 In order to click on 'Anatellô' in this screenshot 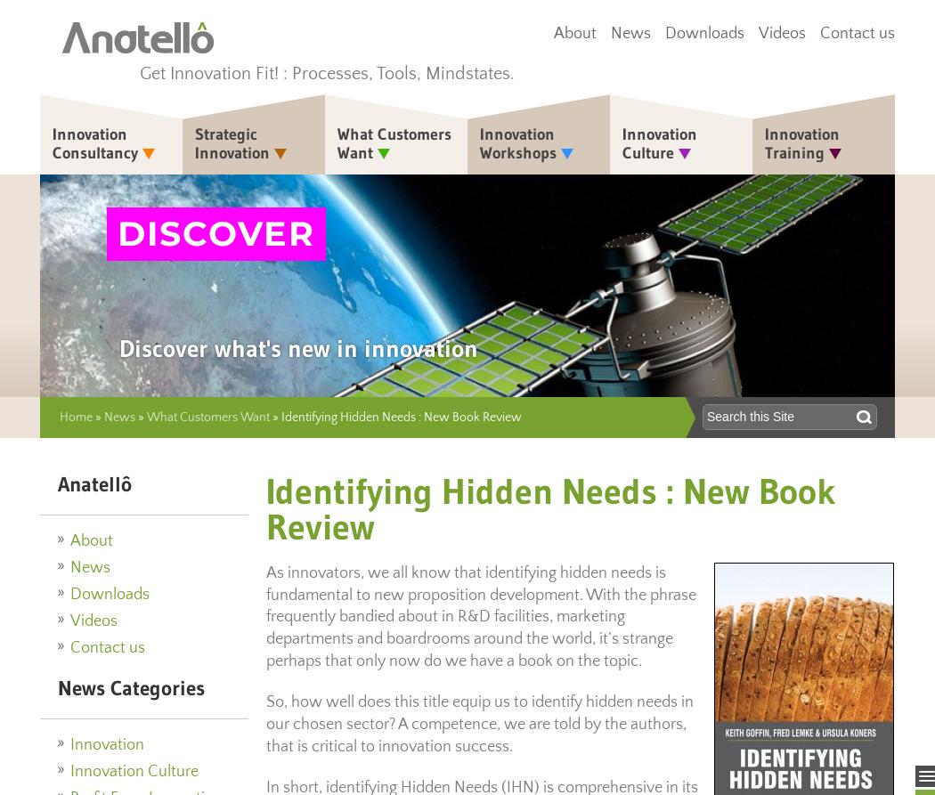, I will do `click(94, 483)`.